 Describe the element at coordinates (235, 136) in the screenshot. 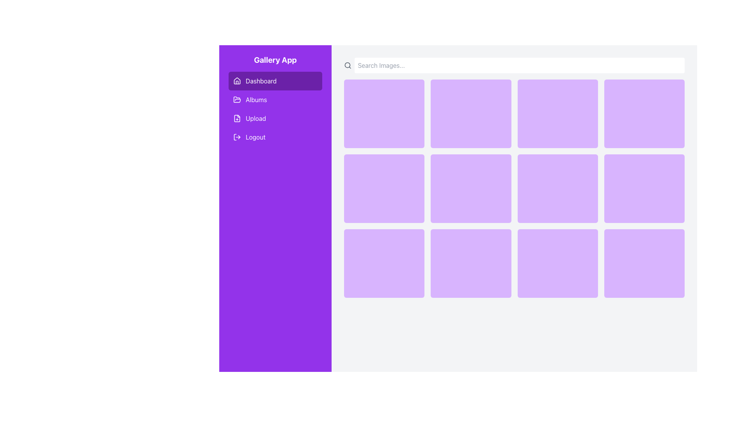

I see `the Logout icon in the vertical side menu, which is a graphical representation indicating an exit or logout action, located beside the text label 'Logout'` at that location.